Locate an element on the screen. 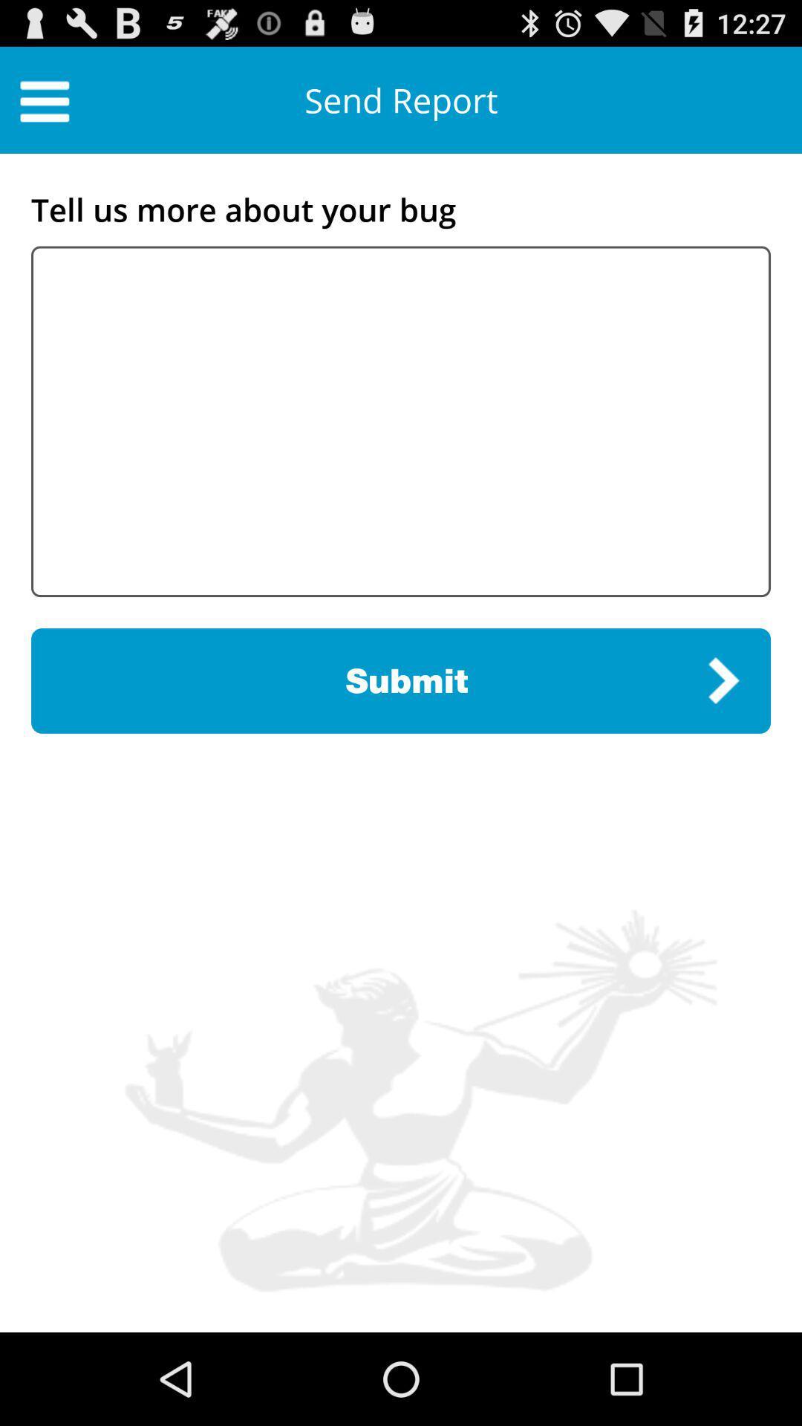  report a bug field is located at coordinates (401, 420).